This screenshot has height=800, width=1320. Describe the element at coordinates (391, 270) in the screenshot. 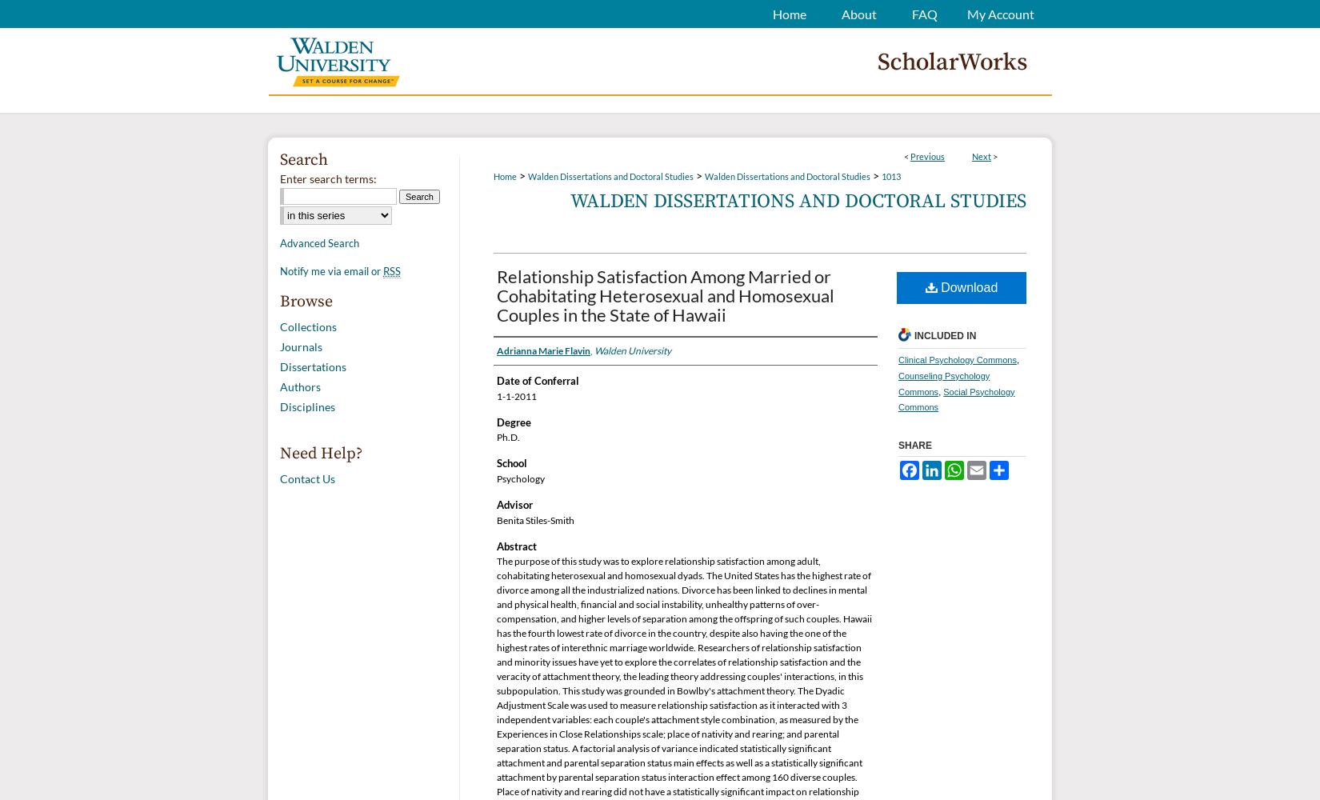

I see `'RSS'` at that location.